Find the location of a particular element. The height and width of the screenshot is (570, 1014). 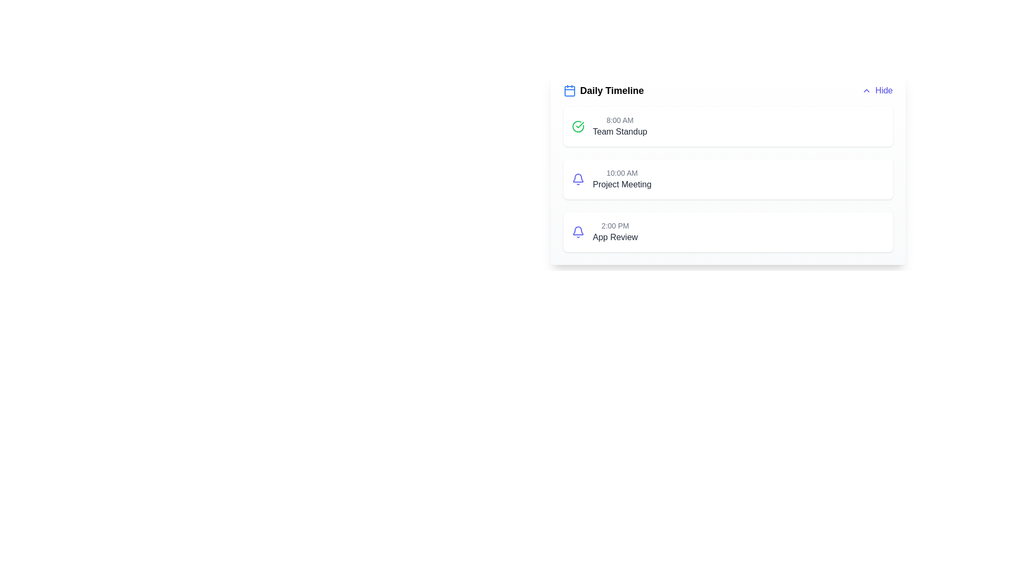

rounded rectangle graphical icon component inside the calendar icon, which is located to the left of the 'Daily Timeline' heading is located at coordinates (569, 91).